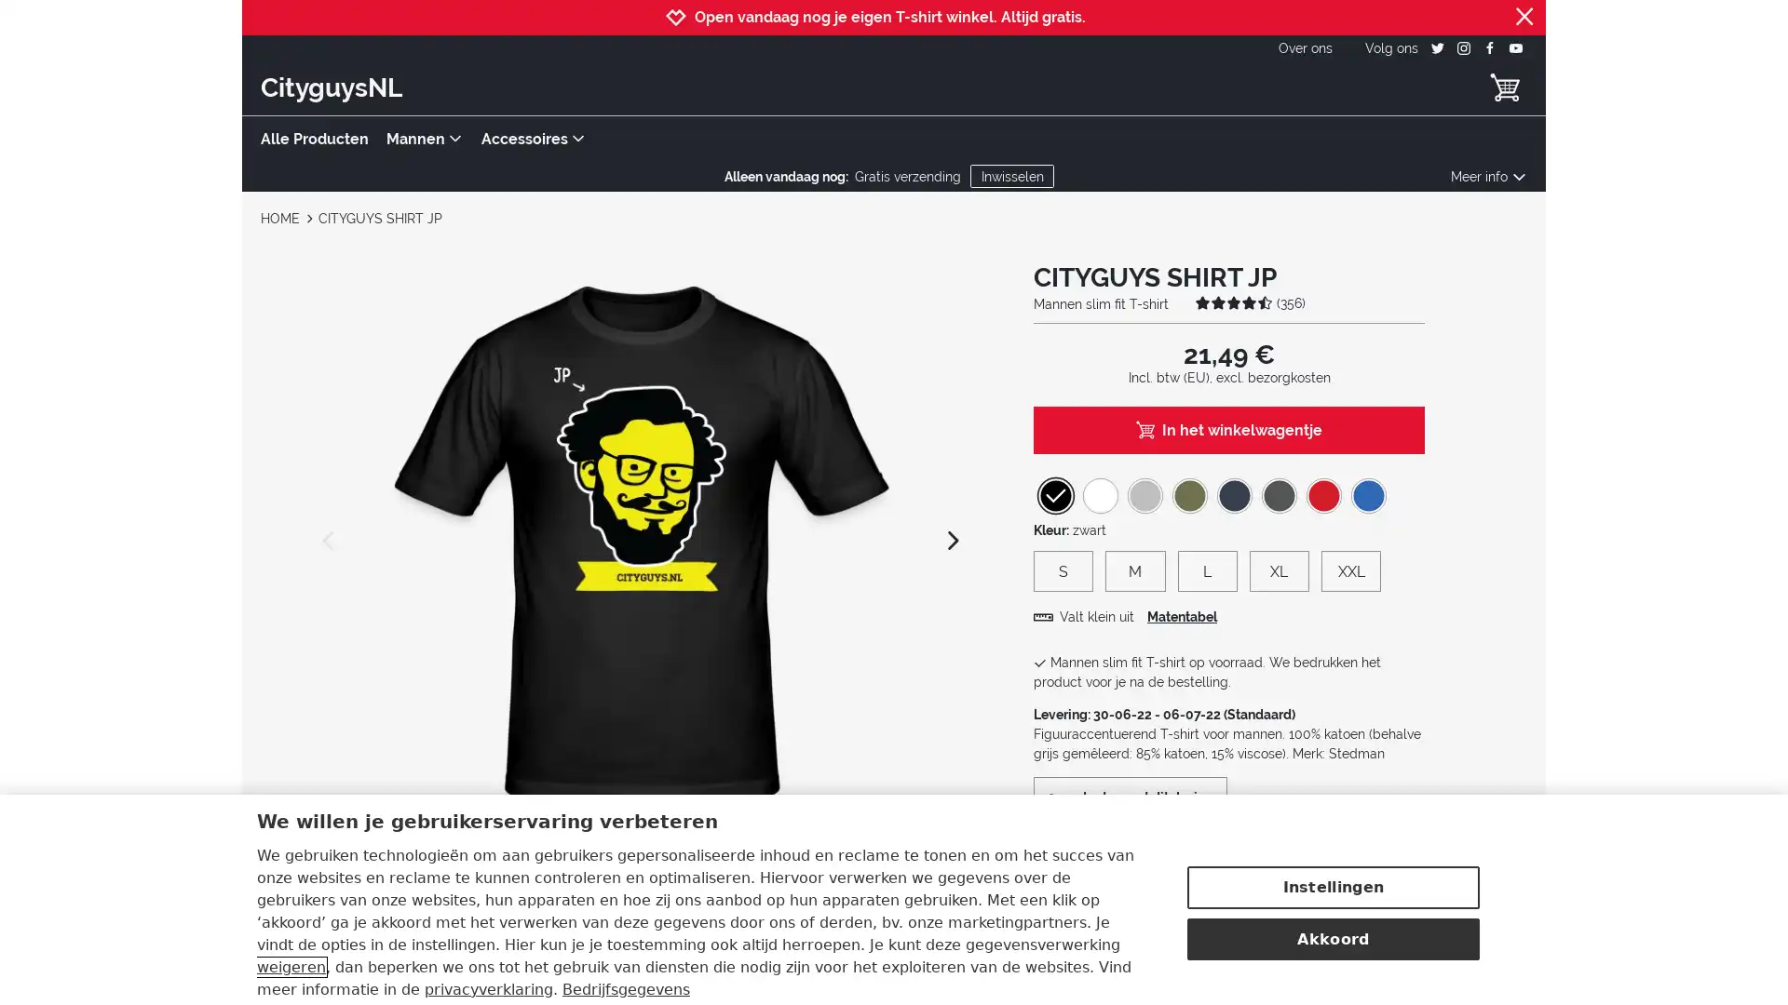 The height and width of the screenshot is (1005, 1788). What do you see at coordinates (1229, 429) in the screenshot?
I see `In het winkelwagentje` at bounding box center [1229, 429].